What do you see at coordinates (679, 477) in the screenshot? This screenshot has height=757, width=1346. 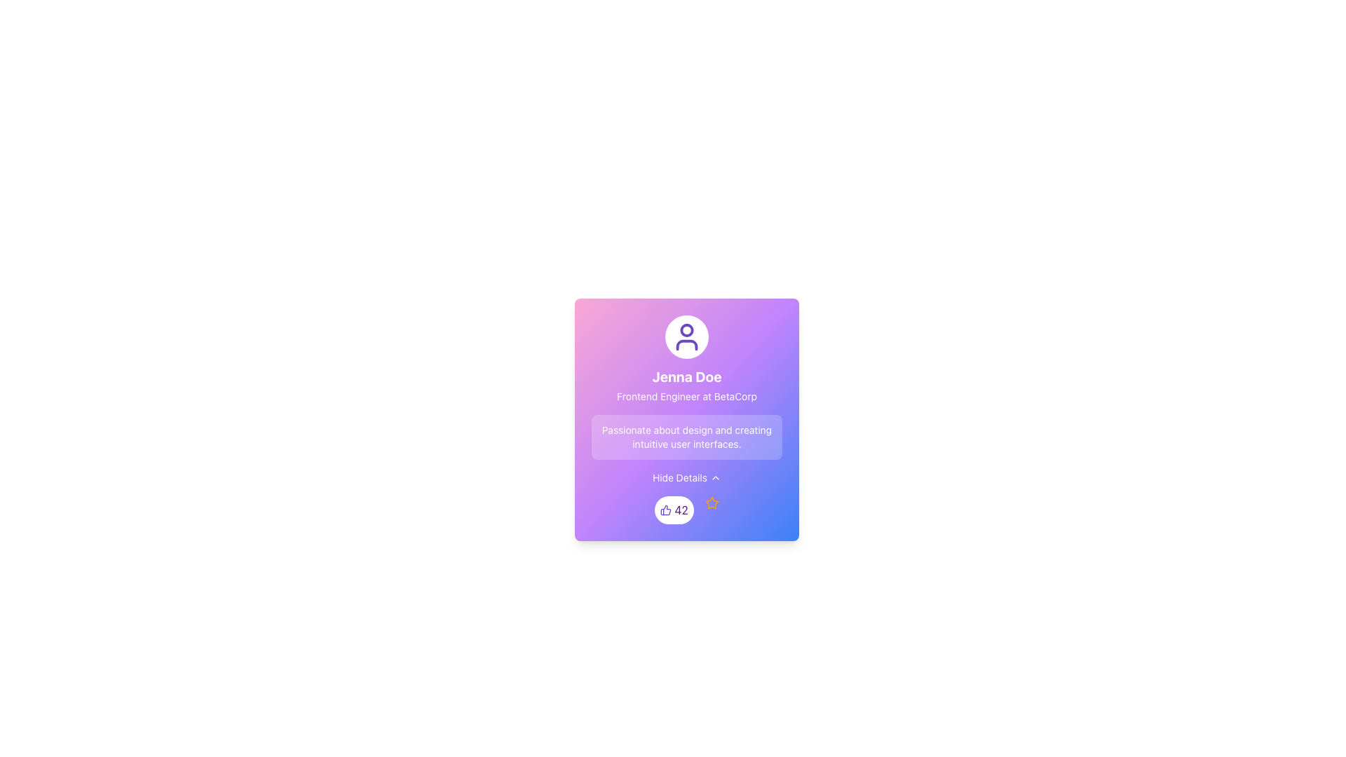 I see `the text label located at the lower-center of the card, which precedes an upward chevron icon` at bounding box center [679, 477].